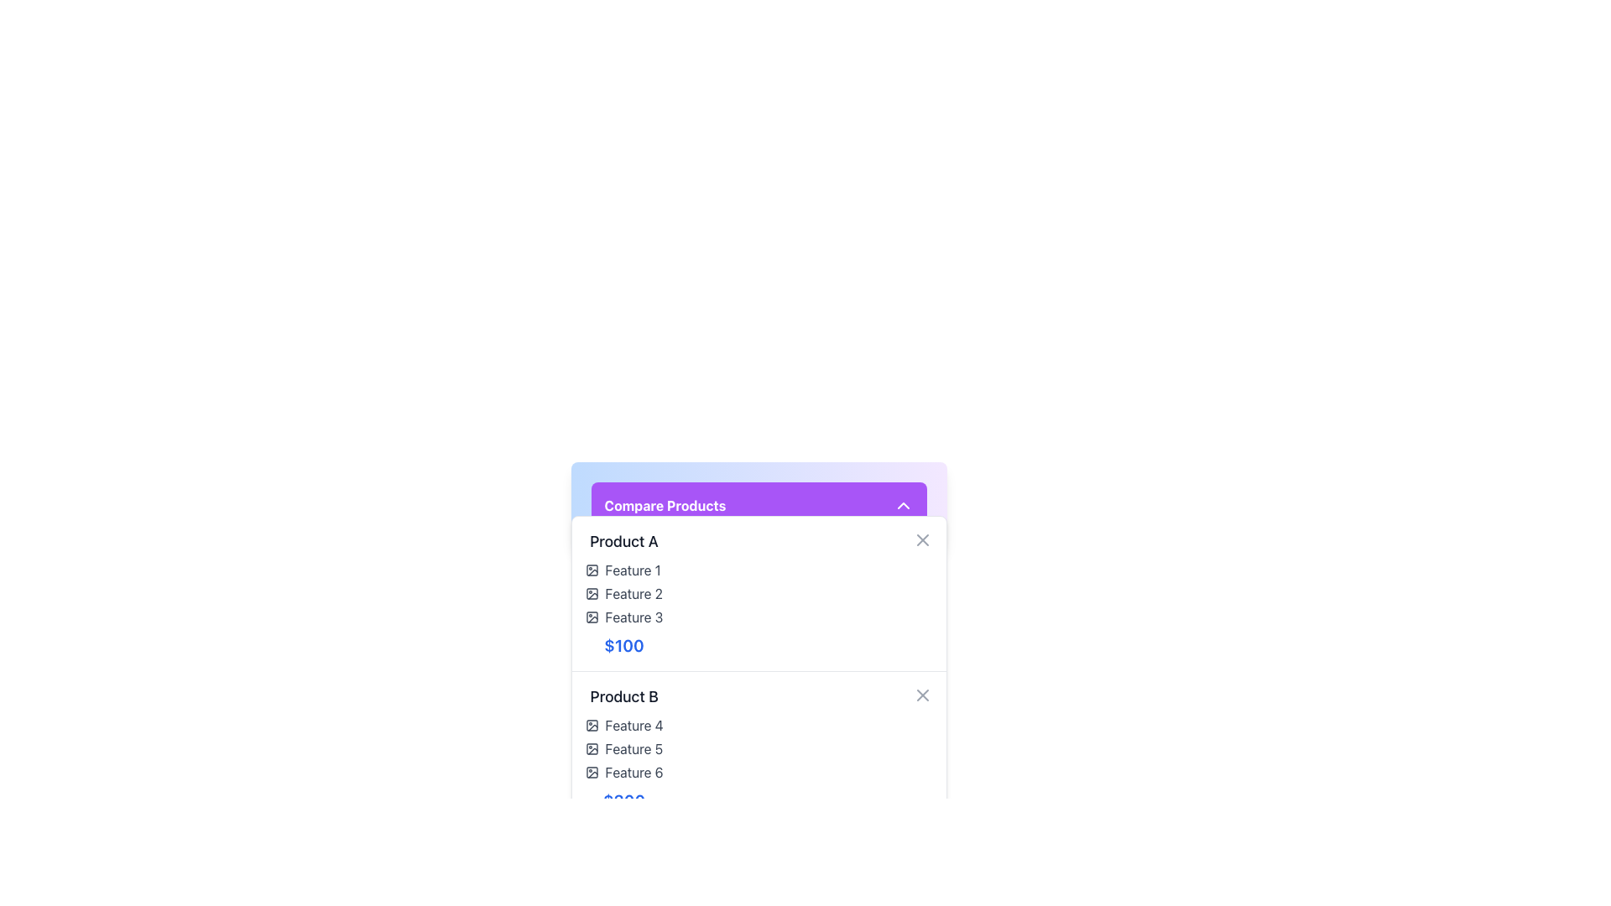 The image size is (1611, 906). I want to click on the title text for 'Product B' that serves an informational purpose, indicating the product being compared, so click(623, 696).